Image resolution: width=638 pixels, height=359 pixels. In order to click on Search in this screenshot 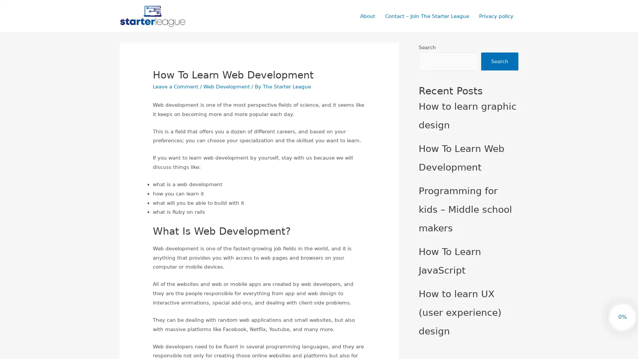, I will do `click(499, 61)`.